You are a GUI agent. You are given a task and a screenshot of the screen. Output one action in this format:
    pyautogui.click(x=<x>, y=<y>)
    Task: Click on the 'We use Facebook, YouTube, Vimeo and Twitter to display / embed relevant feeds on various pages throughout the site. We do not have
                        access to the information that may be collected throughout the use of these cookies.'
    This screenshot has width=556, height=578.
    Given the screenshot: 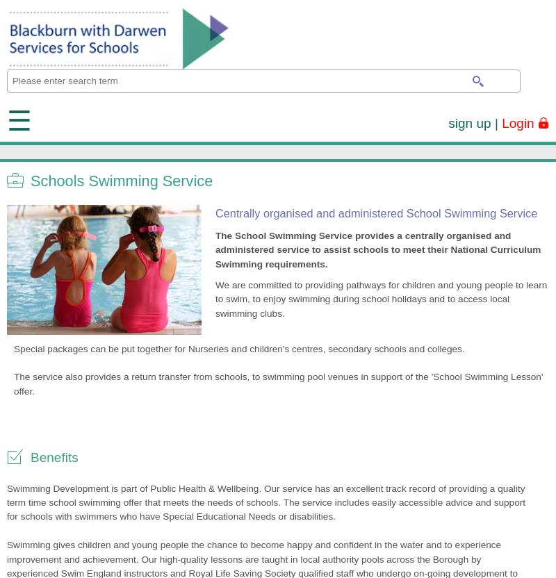 What is the action you would take?
    pyautogui.click(x=133, y=493)
    